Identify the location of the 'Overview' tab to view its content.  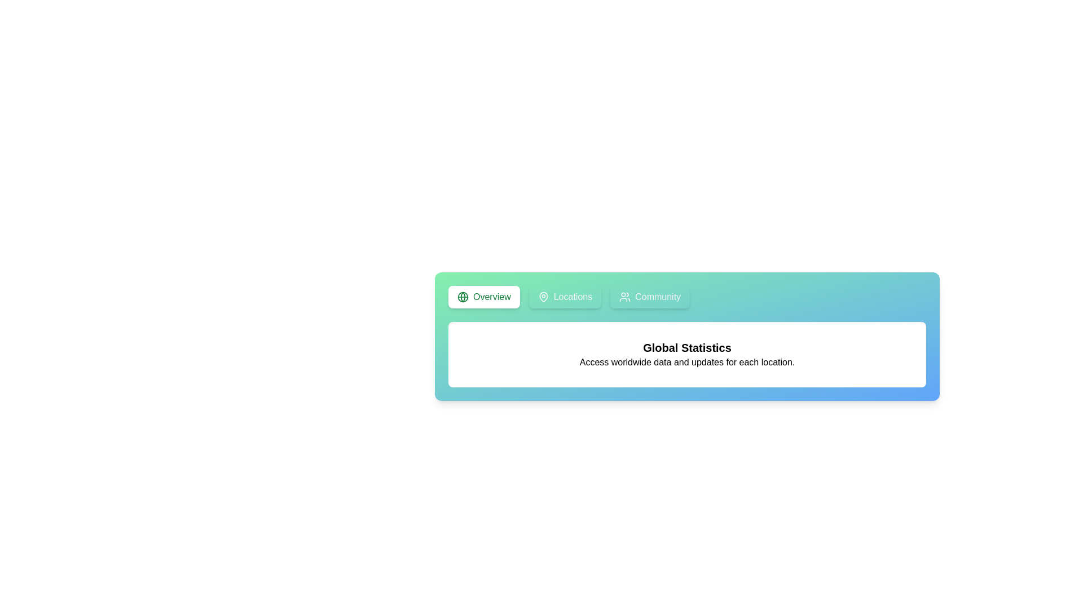
(484, 297).